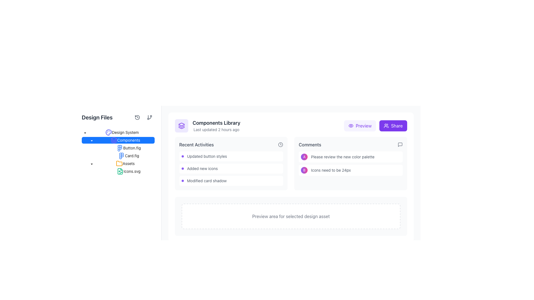  What do you see at coordinates (132, 156) in the screenshot?
I see `the text label indicating an item within the tree structure under the 'Card.fig' entry in the 'Components' folder` at bounding box center [132, 156].